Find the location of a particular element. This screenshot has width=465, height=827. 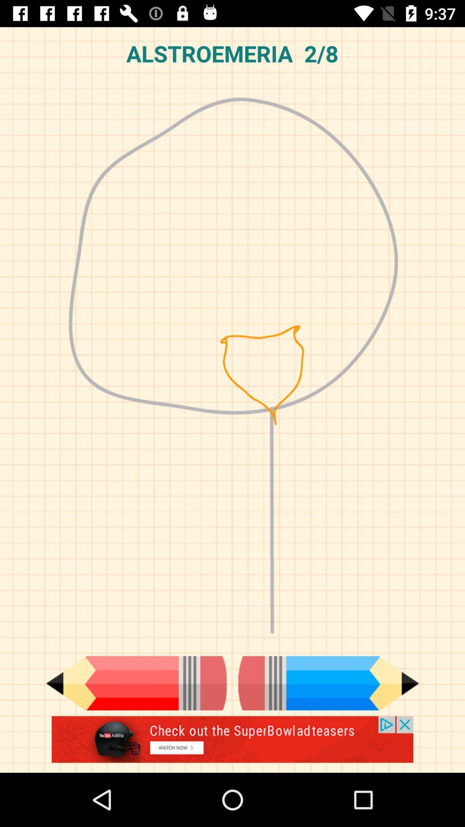

write with orange is located at coordinates (136, 683).